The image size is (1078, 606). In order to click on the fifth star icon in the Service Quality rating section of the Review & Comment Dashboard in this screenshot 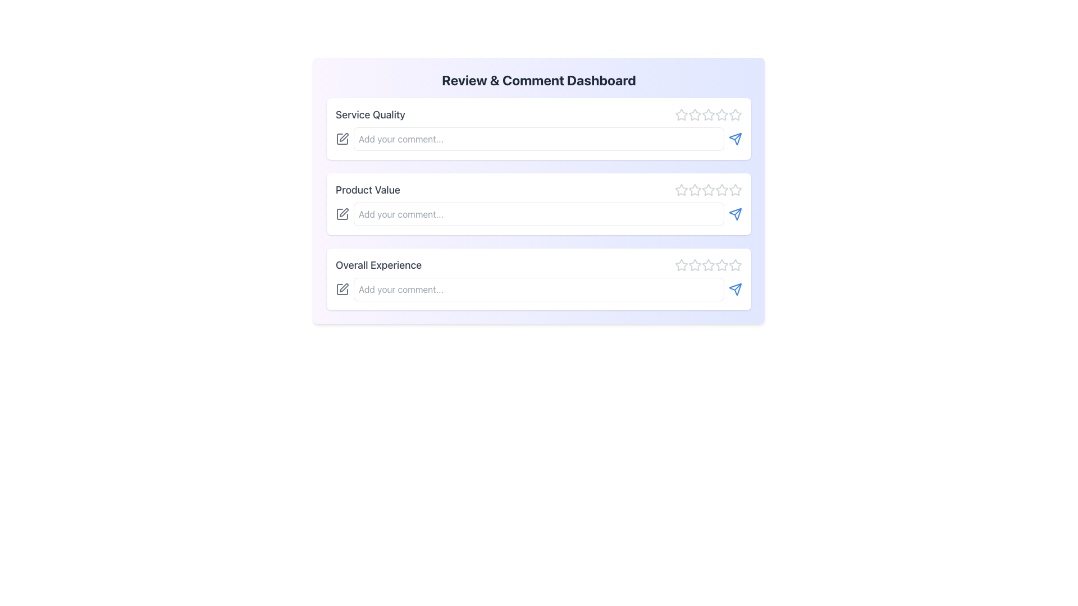, I will do `click(722, 114)`.